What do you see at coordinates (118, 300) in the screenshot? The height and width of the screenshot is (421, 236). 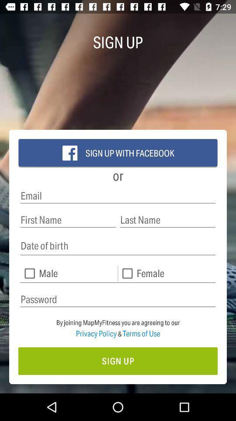 I see `password here` at bounding box center [118, 300].